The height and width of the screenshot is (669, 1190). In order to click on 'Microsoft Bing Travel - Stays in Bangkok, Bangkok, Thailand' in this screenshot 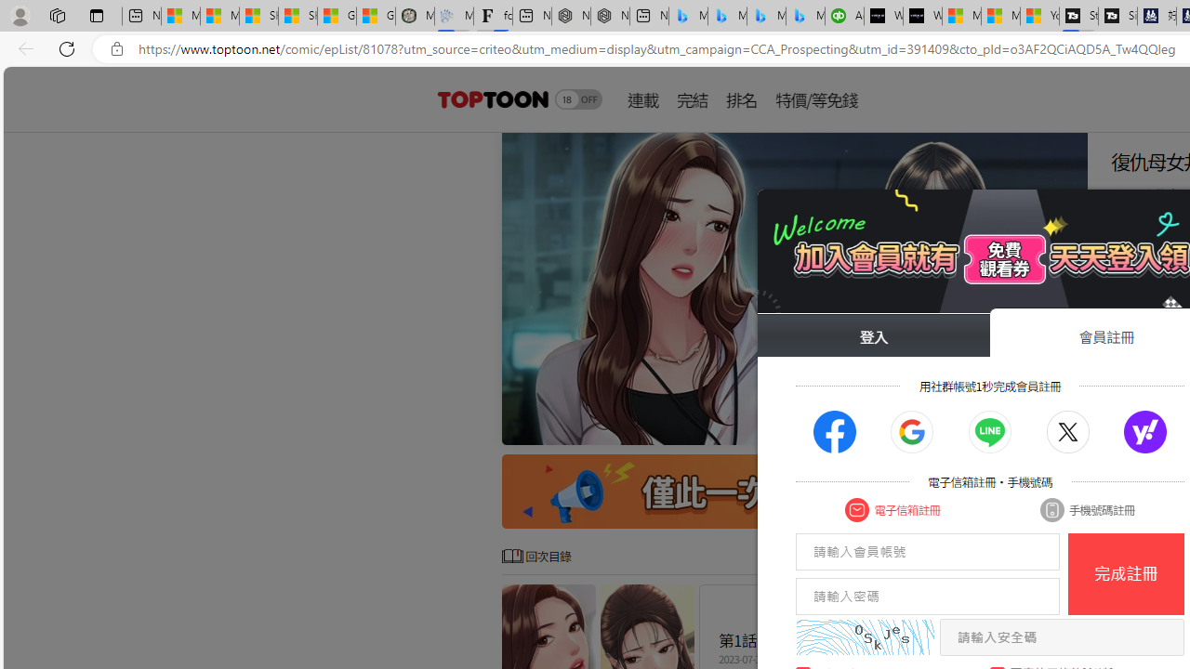, I will do `click(726, 16)`.